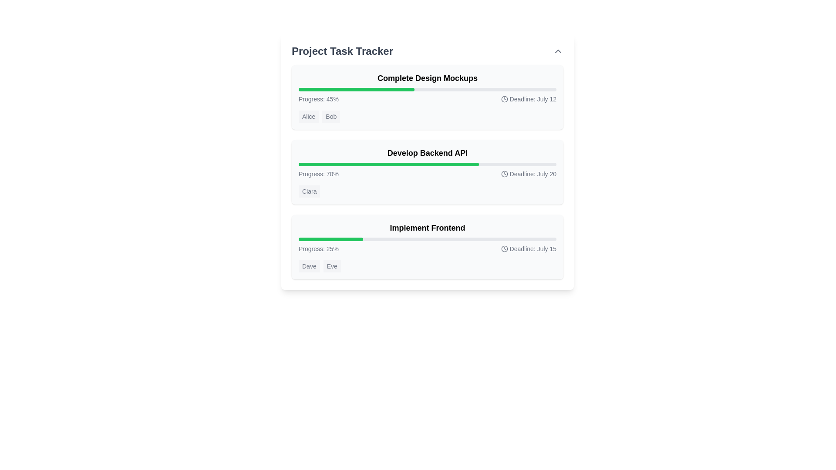  I want to click on the progress visually on the horizontal progress bar representing 70% completion for the 'Develop Backend API' task, so click(428, 164).